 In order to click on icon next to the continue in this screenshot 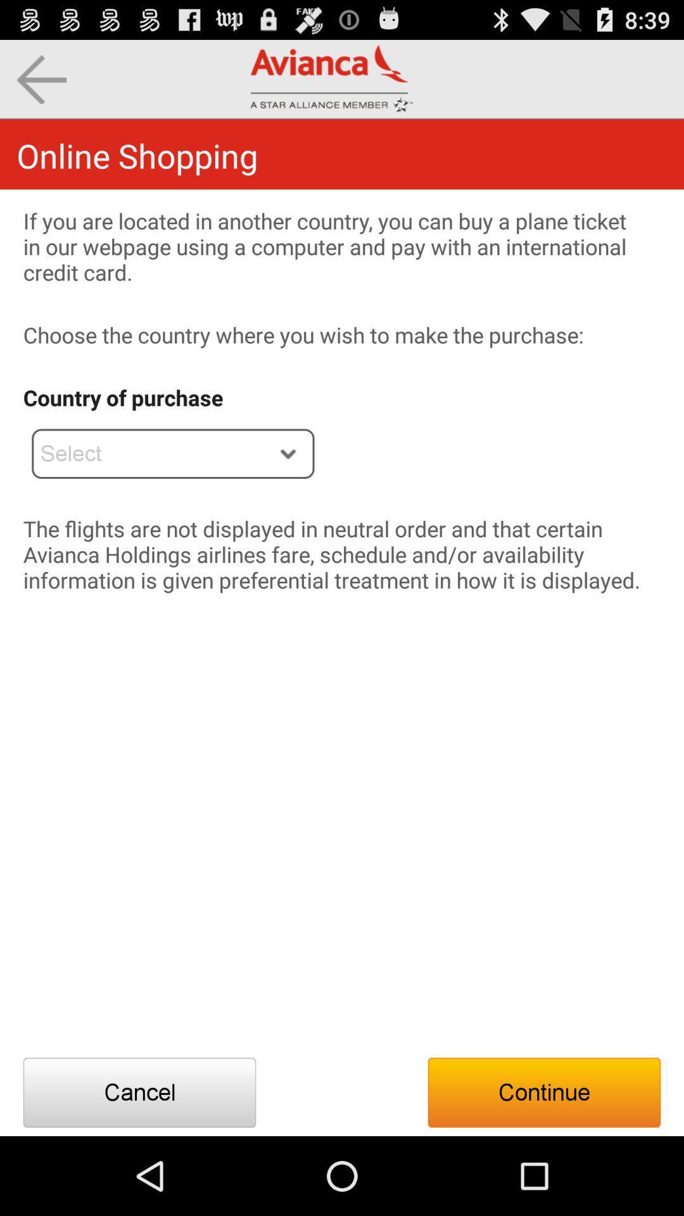, I will do `click(139, 1092)`.